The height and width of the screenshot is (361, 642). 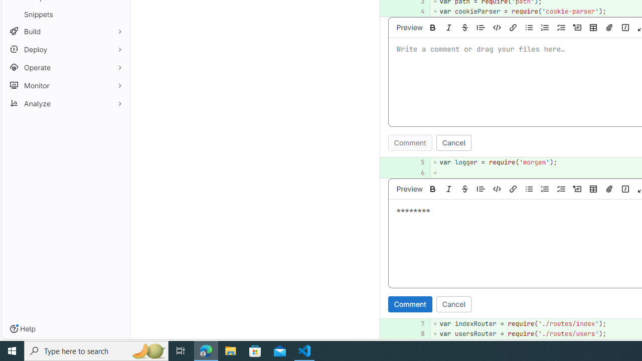 What do you see at coordinates (448, 189) in the screenshot?
I see `'Add italic text (Ctrl+I)'` at bounding box center [448, 189].